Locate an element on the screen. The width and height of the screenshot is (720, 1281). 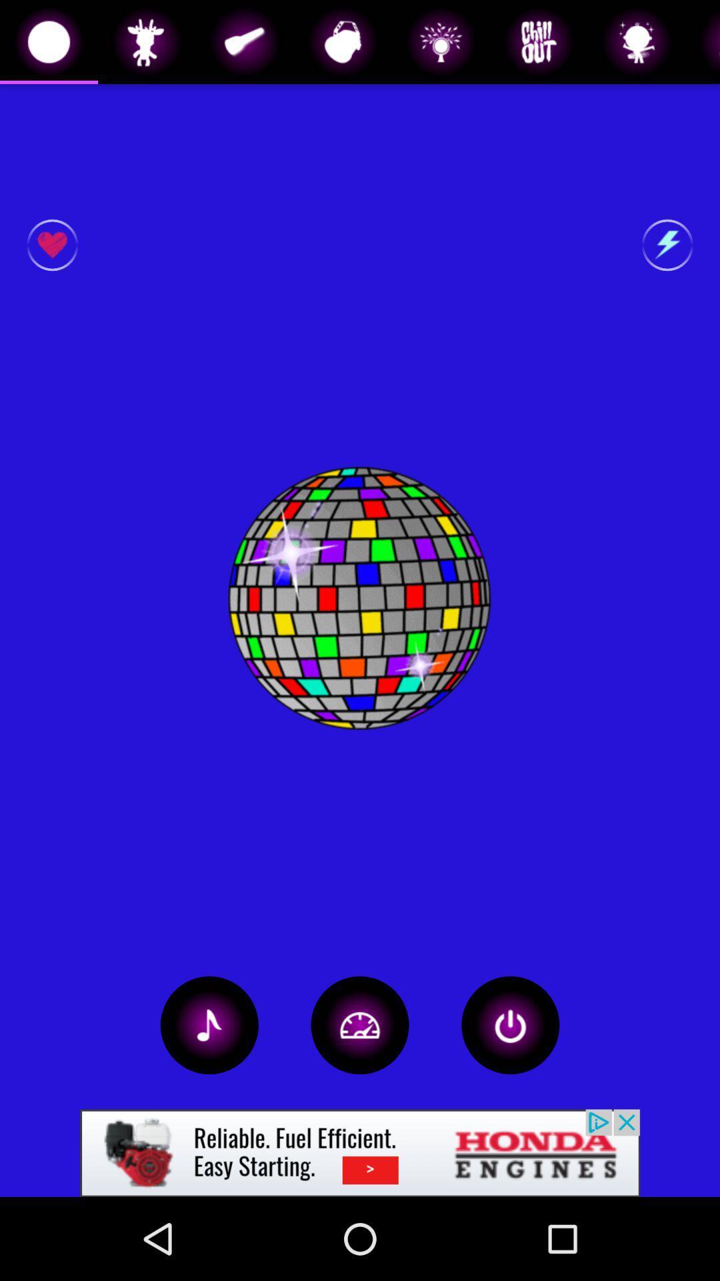
favorite button is located at coordinates (51, 245).